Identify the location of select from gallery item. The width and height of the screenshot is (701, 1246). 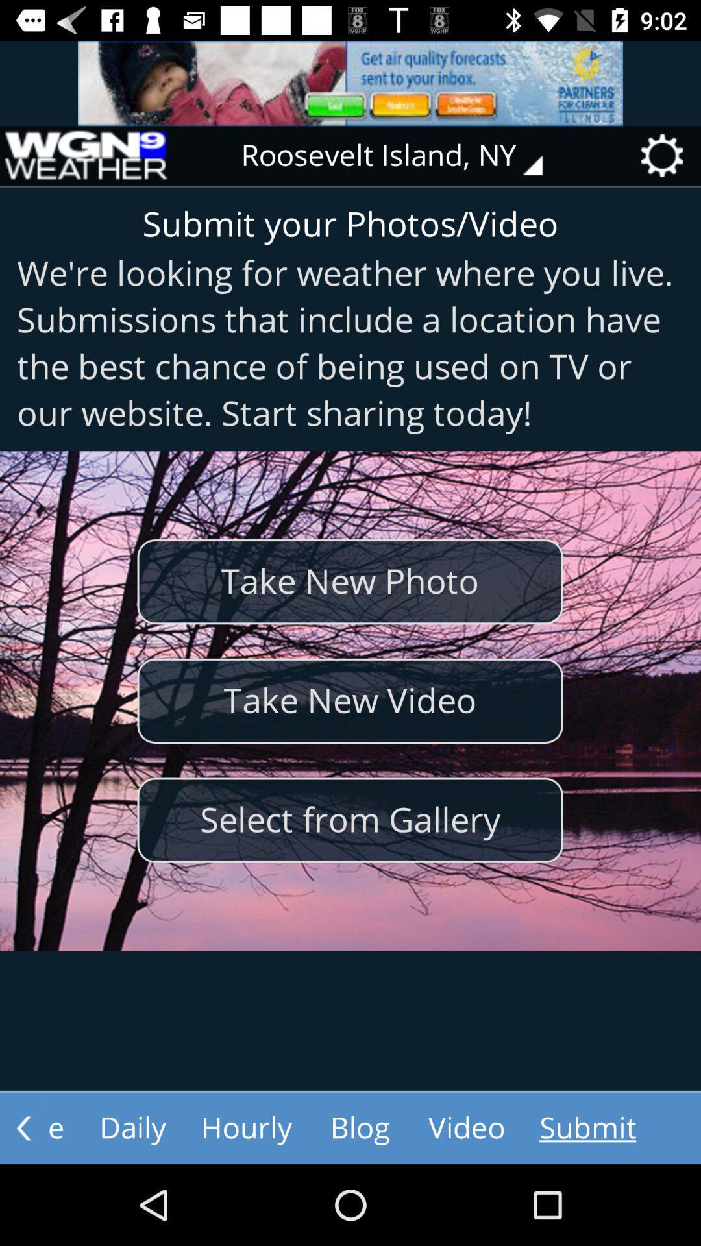
(349, 820).